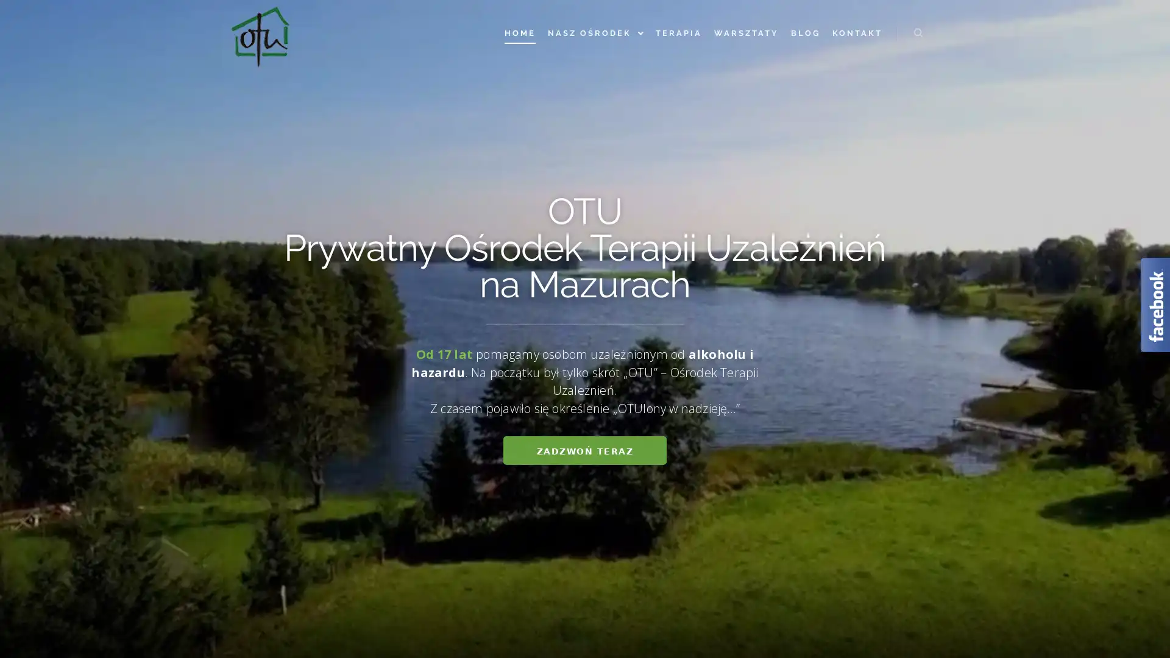  Describe the element at coordinates (918, 32) in the screenshot. I see `Szukaj` at that location.